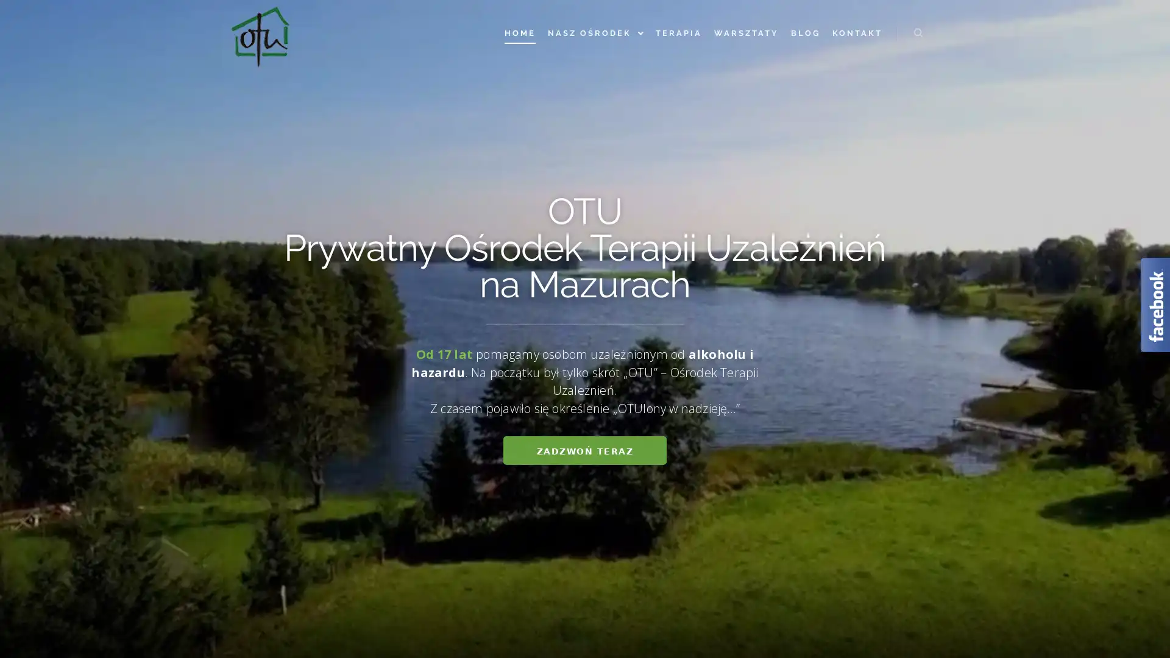  Describe the element at coordinates (918, 32) in the screenshot. I see `Szukaj` at that location.